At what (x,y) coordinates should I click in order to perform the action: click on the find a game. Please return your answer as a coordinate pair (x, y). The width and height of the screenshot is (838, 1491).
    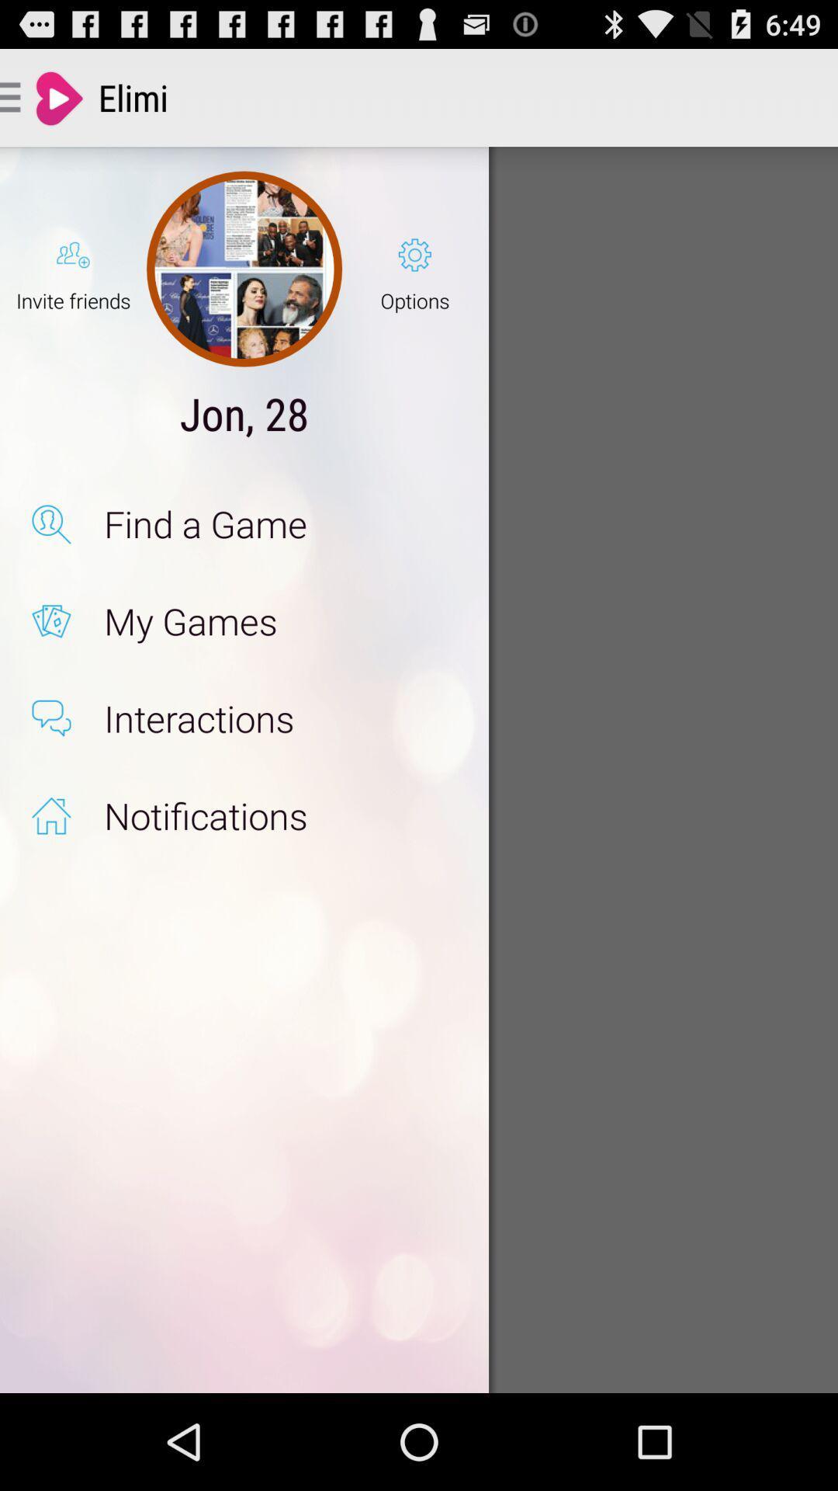
    Looking at the image, I should click on (280, 524).